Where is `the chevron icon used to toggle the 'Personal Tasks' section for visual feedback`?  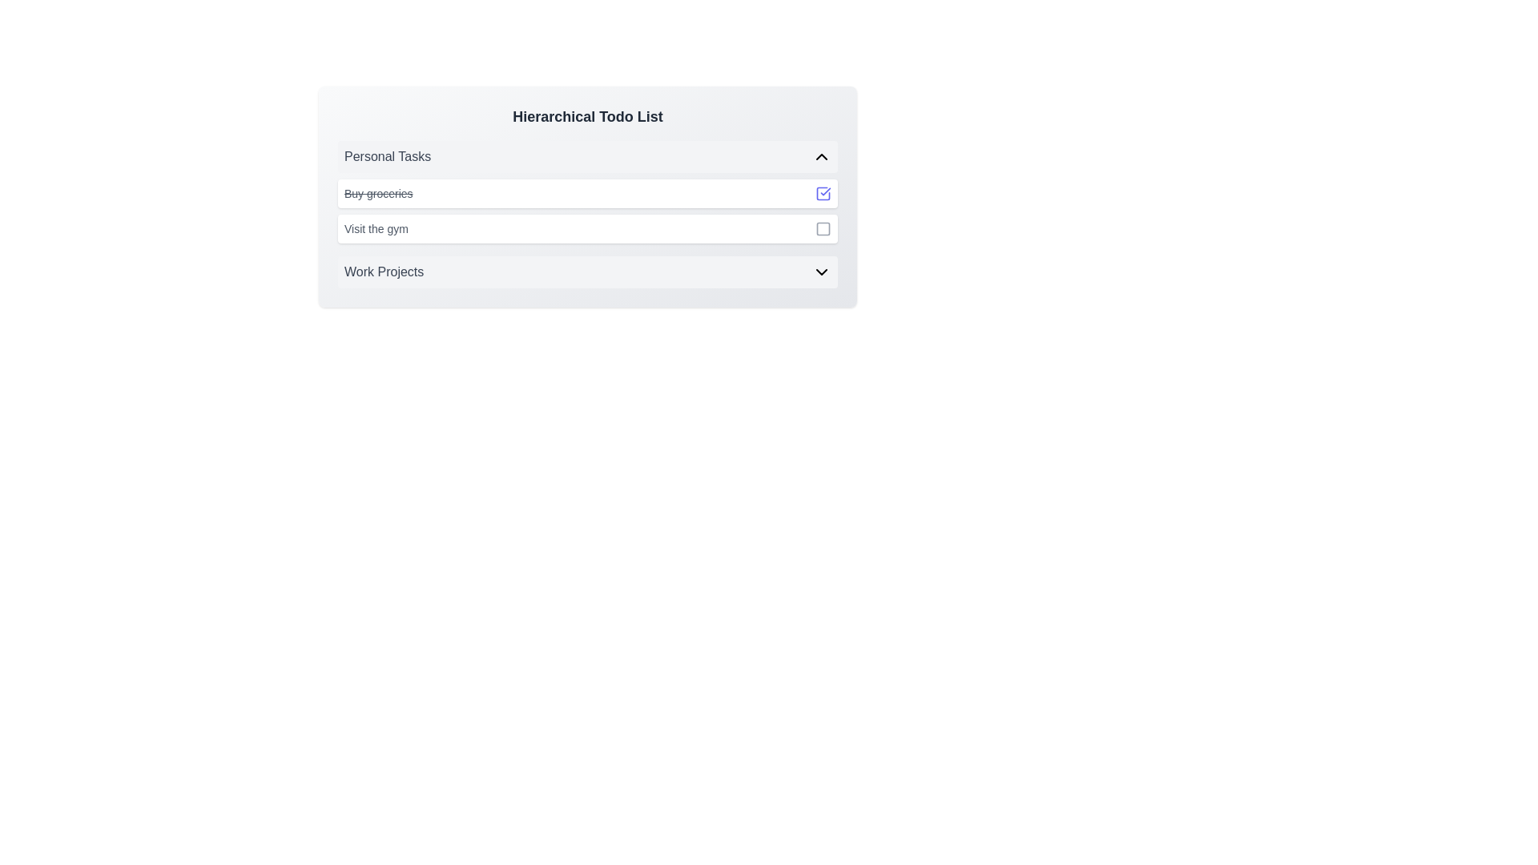 the chevron icon used to toggle the 'Personal Tasks' section for visual feedback is located at coordinates (822, 157).